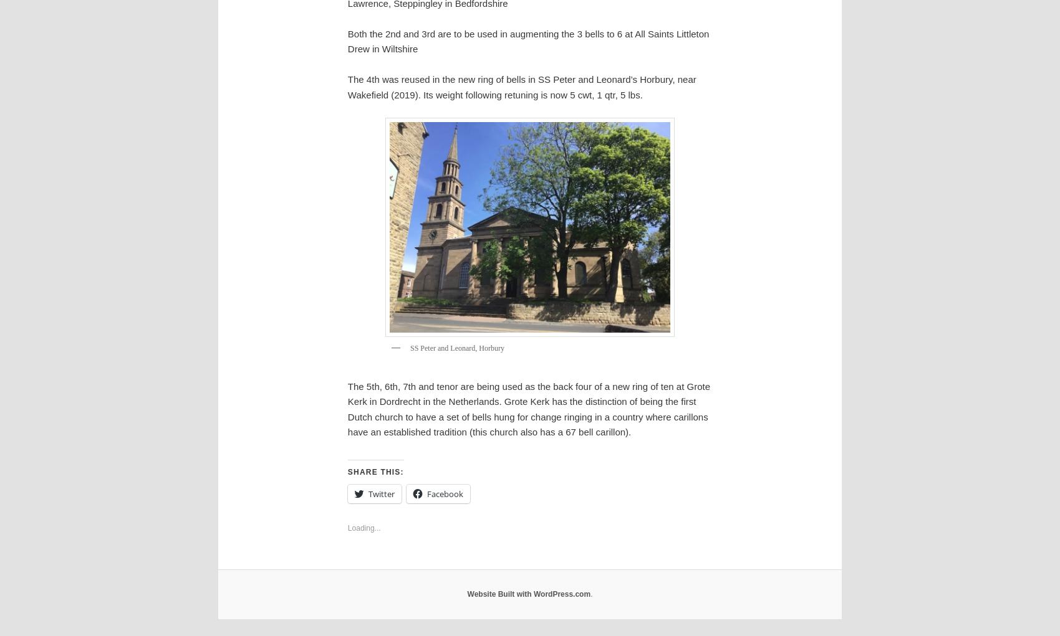  I want to click on 'The 5th, 6th, 7th and tenor are being used as the back four of a new ring of ten at Grote Kerk in Dordrecht in the Netherlands. Grote Kerk has the distinction of  being the first Dutch church to have a set of bells hung for change ringing in a country where carillons have an established tradition (this church also has a 67 bell carillon).', so click(528, 407).